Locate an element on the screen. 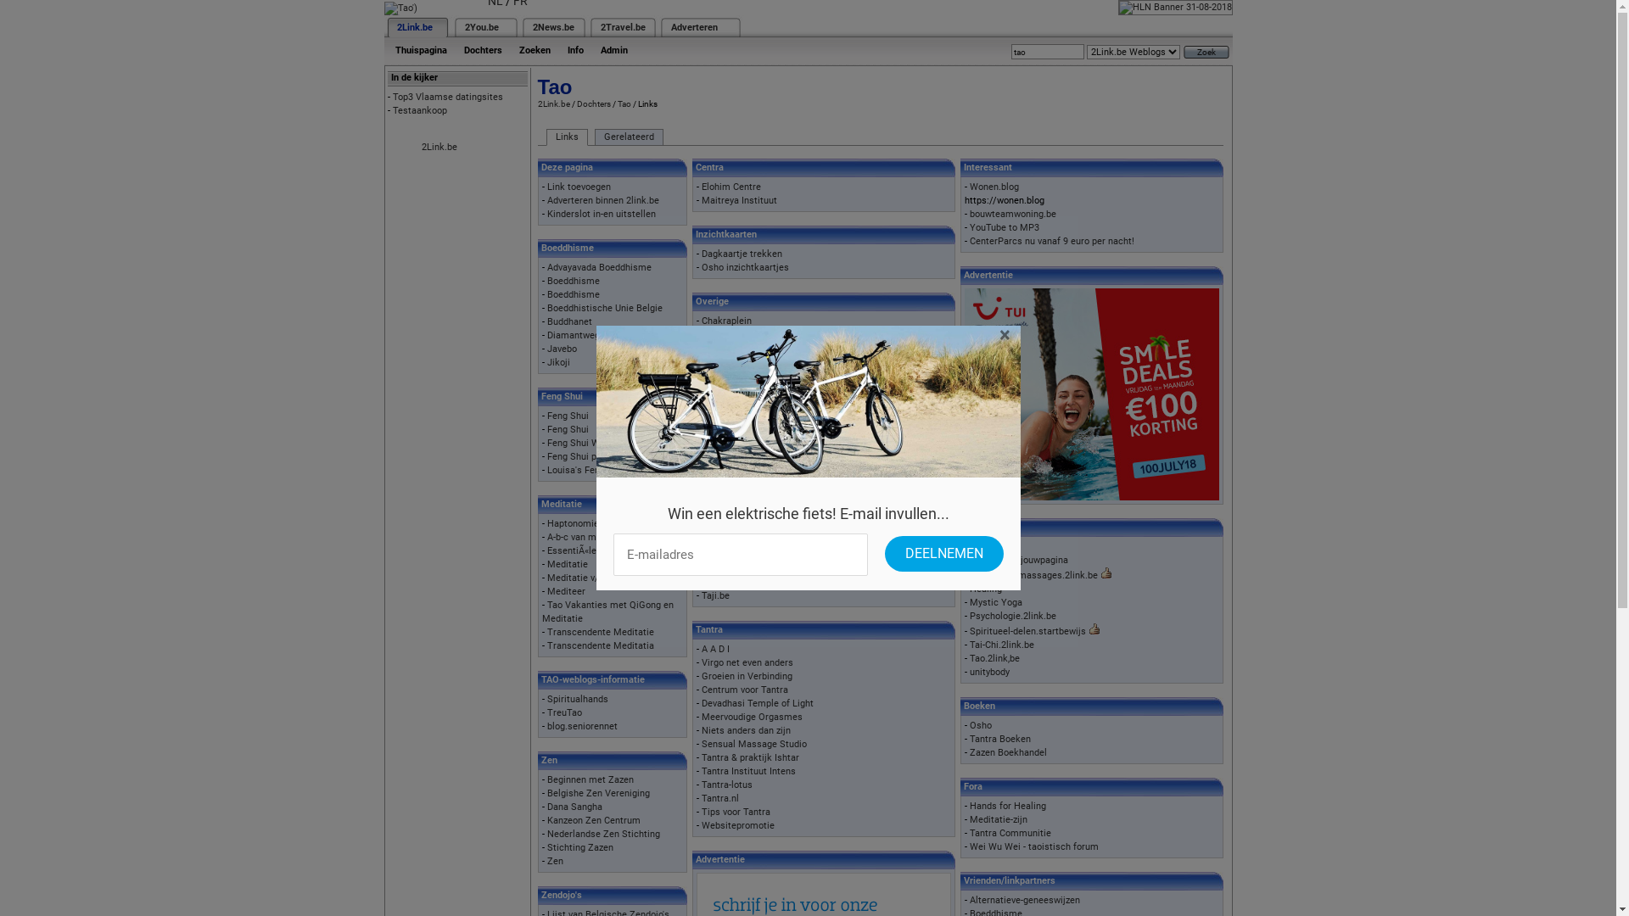  'Advayavada Boeddhisme' is located at coordinates (598, 267).